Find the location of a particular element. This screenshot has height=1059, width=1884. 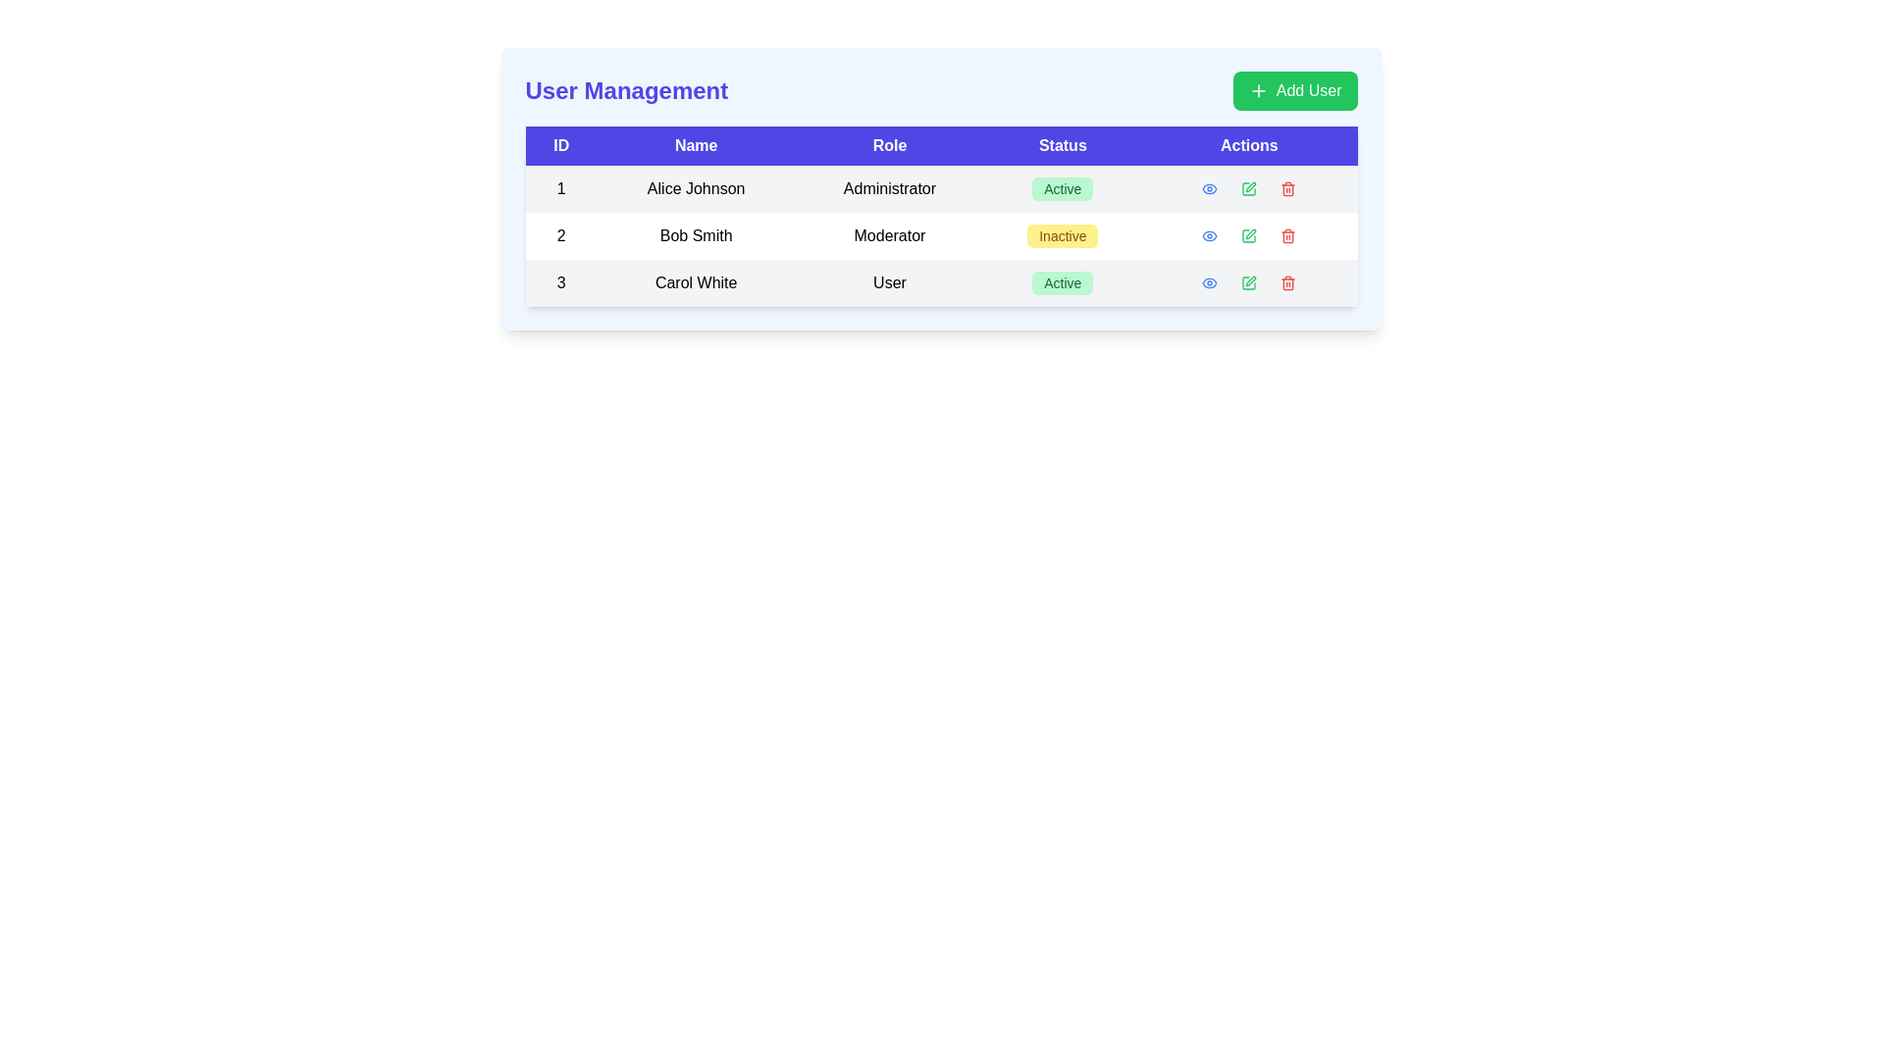

the red trash bin icon in the third row of the user management table is located at coordinates (1288, 283).